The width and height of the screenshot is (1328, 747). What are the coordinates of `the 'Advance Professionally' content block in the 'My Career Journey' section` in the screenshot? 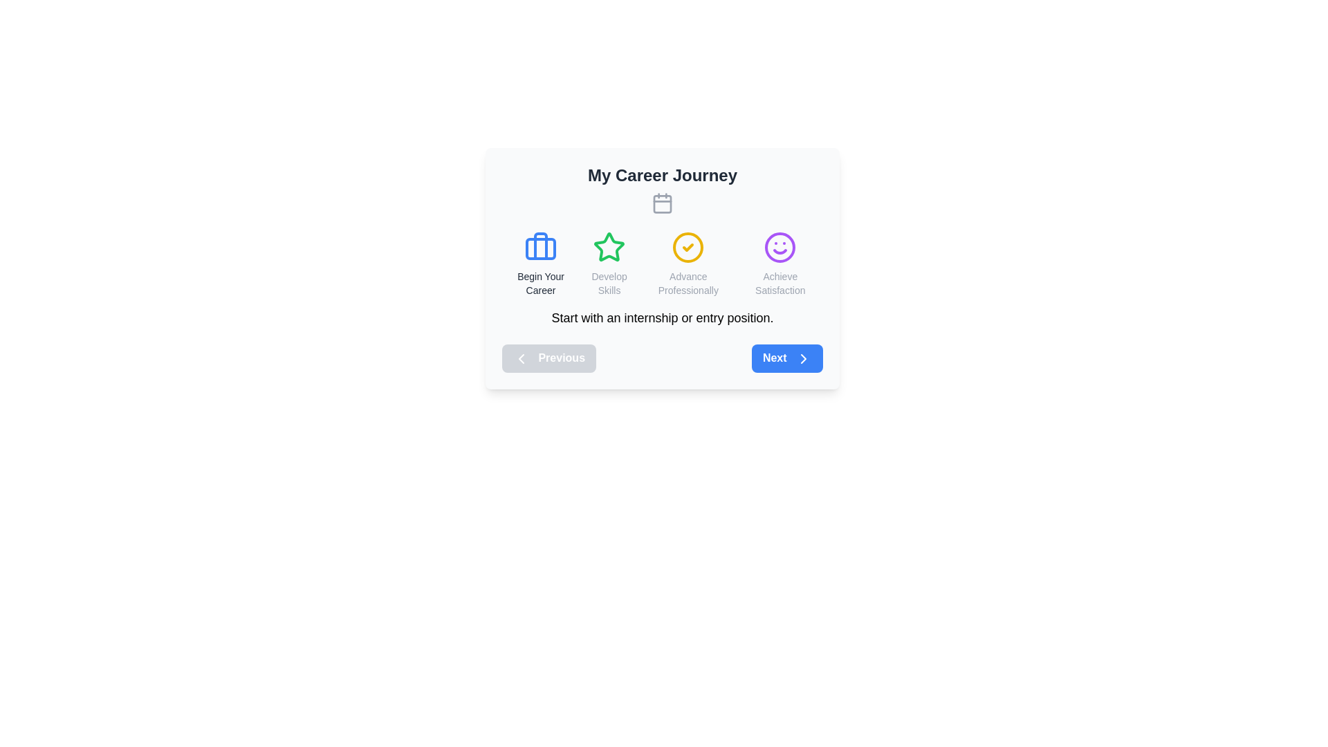 It's located at (688, 264).